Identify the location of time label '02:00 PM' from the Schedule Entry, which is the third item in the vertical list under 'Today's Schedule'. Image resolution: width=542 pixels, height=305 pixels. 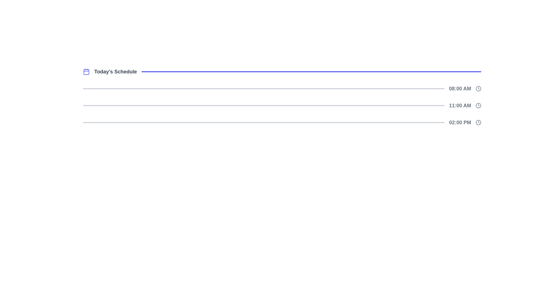
(282, 122).